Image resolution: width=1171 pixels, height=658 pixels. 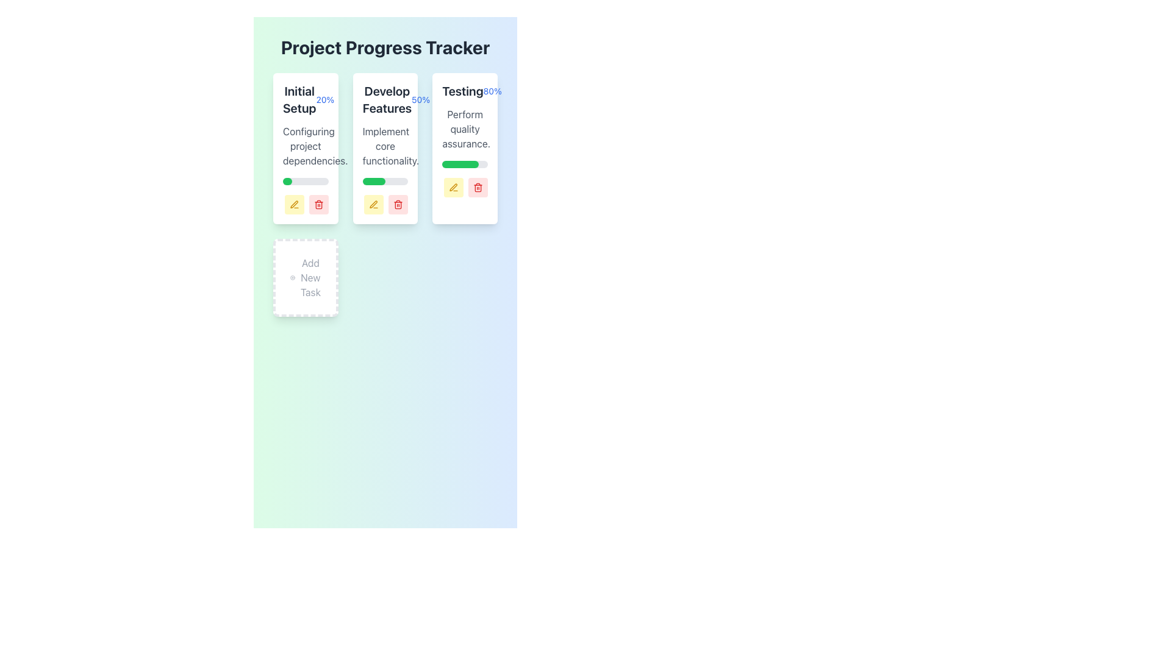 I want to click on the text display element that shows 'Initial Setup' in bold and '20%' in blue, located near the upper-left corner of the Project Progress Tracker card, so click(x=306, y=99).